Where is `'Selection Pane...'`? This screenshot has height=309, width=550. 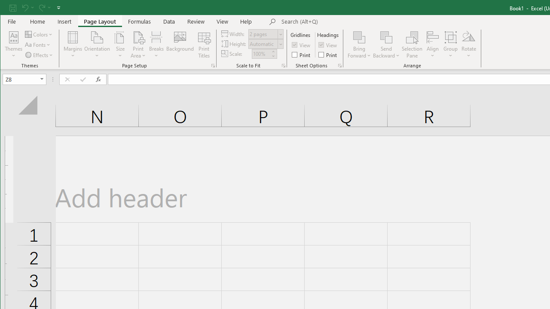
'Selection Pane...' is located at coordinates (412, 45).